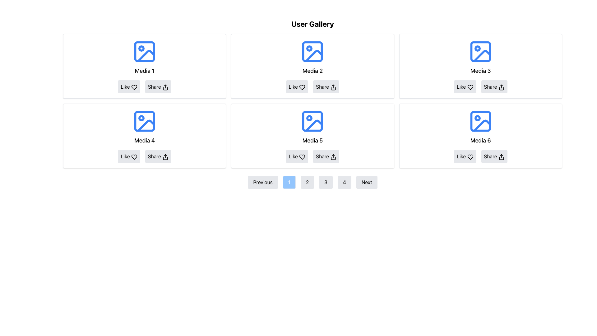 This screenshot has width=597, height=336. What do you see at coordinates (134, 87) in the screenshot?
I see `the heart icon within the 'Like' button` at bounding box center [134, 87].